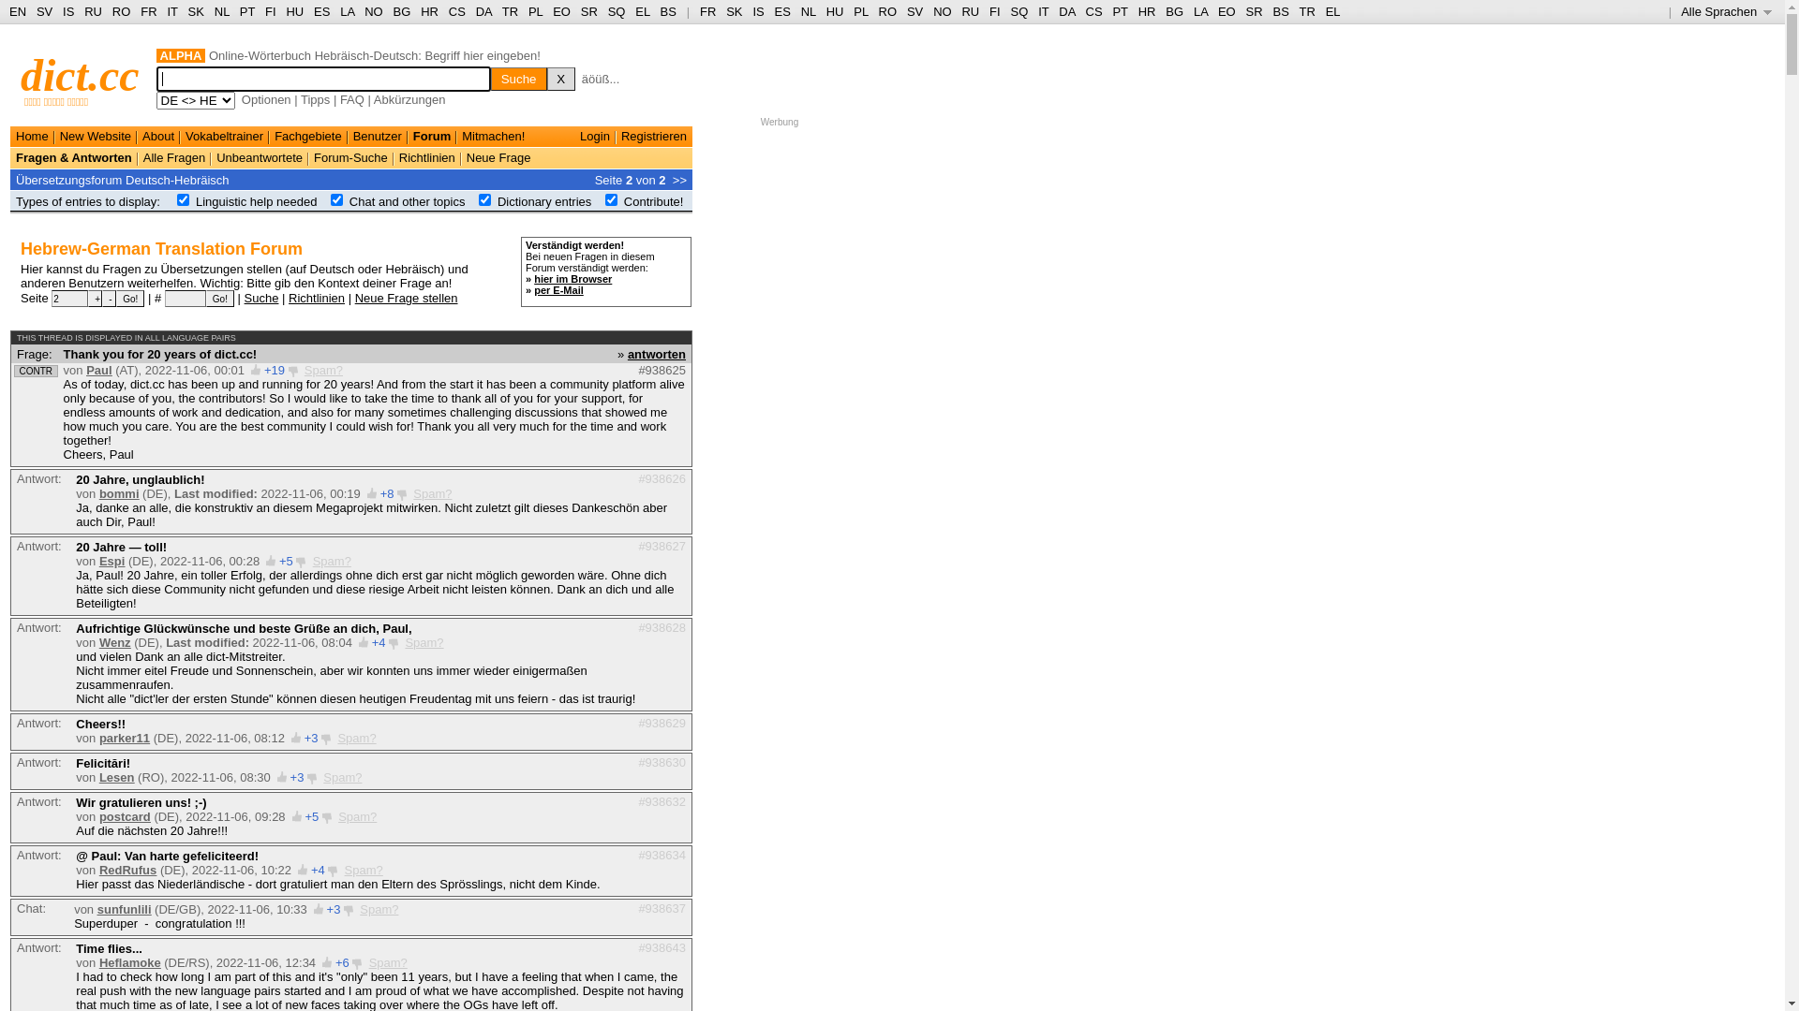  Describe the element at coordinates (758, 11) in the screenshot. I see `'IS'` at that location.